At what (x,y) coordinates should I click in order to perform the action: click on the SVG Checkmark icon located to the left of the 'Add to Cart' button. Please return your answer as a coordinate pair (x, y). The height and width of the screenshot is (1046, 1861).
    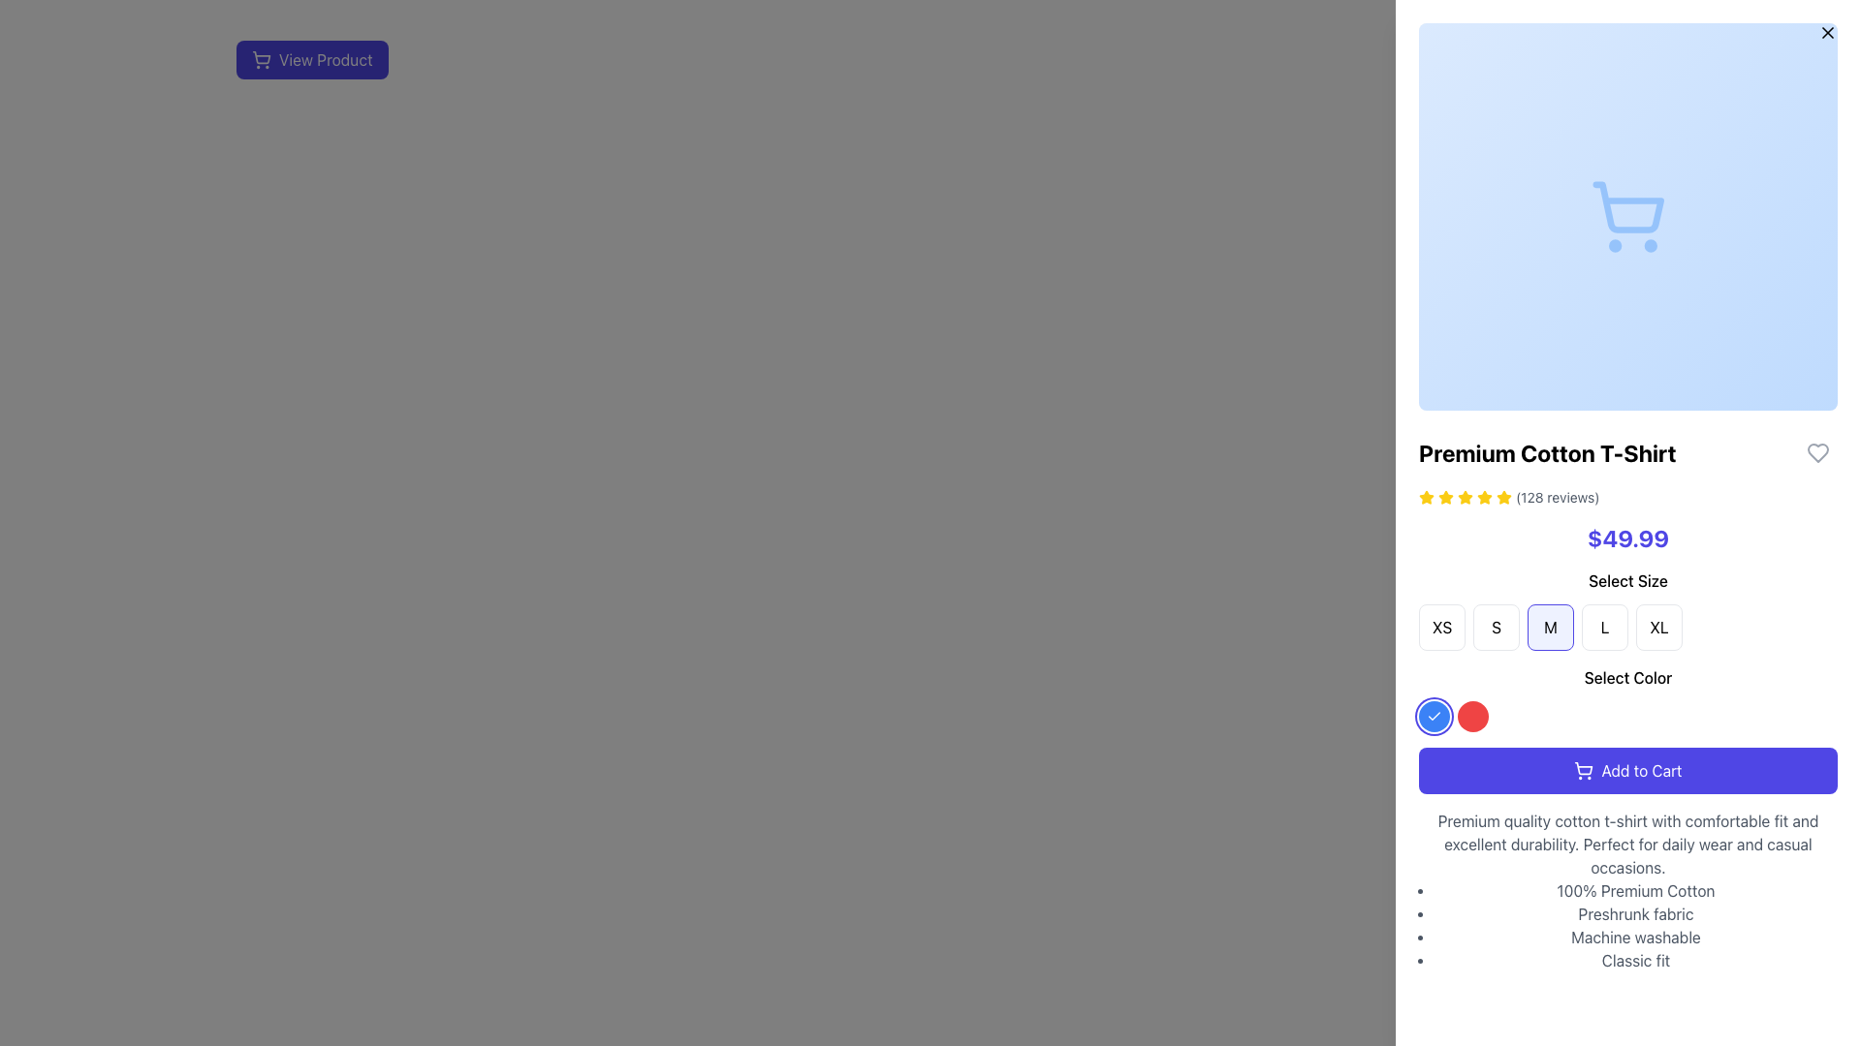
    Looking at the image, I should click on (1434, 717).